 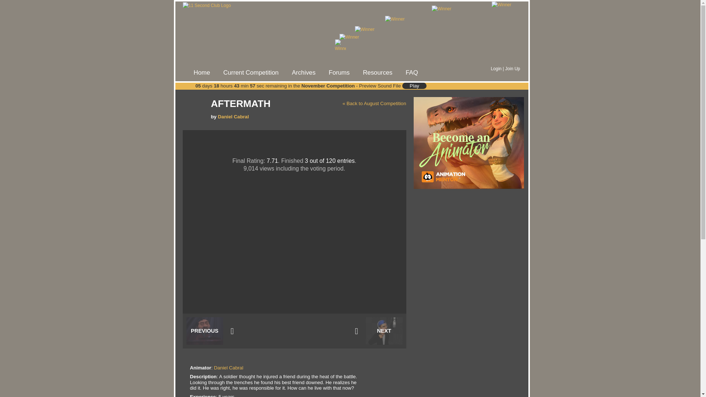 What do you see at coordinates (378, 72) in the screenshot?
I see `'Resources'` at bounding box center [378, 72].